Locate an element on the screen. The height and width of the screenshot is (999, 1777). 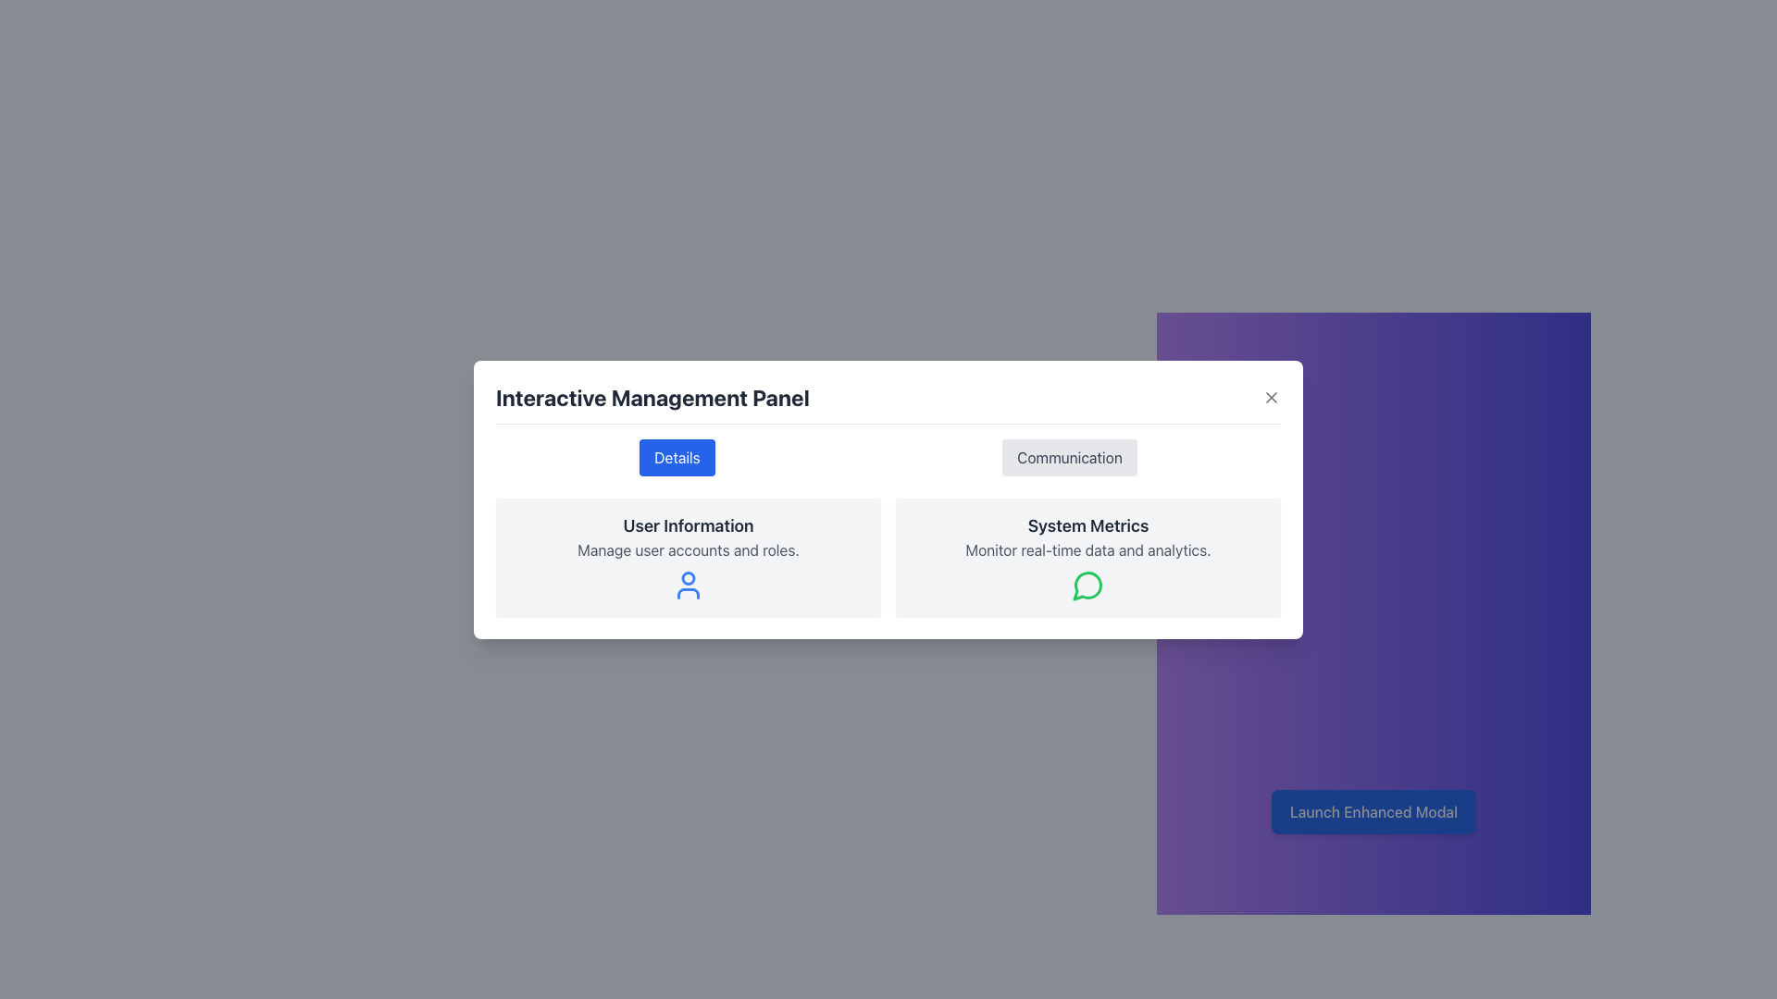
the circular speech bubble icon with a greenish outline located in the 'System Metrics' section of the modal dialog interface is located at coordinates (1087, 586).